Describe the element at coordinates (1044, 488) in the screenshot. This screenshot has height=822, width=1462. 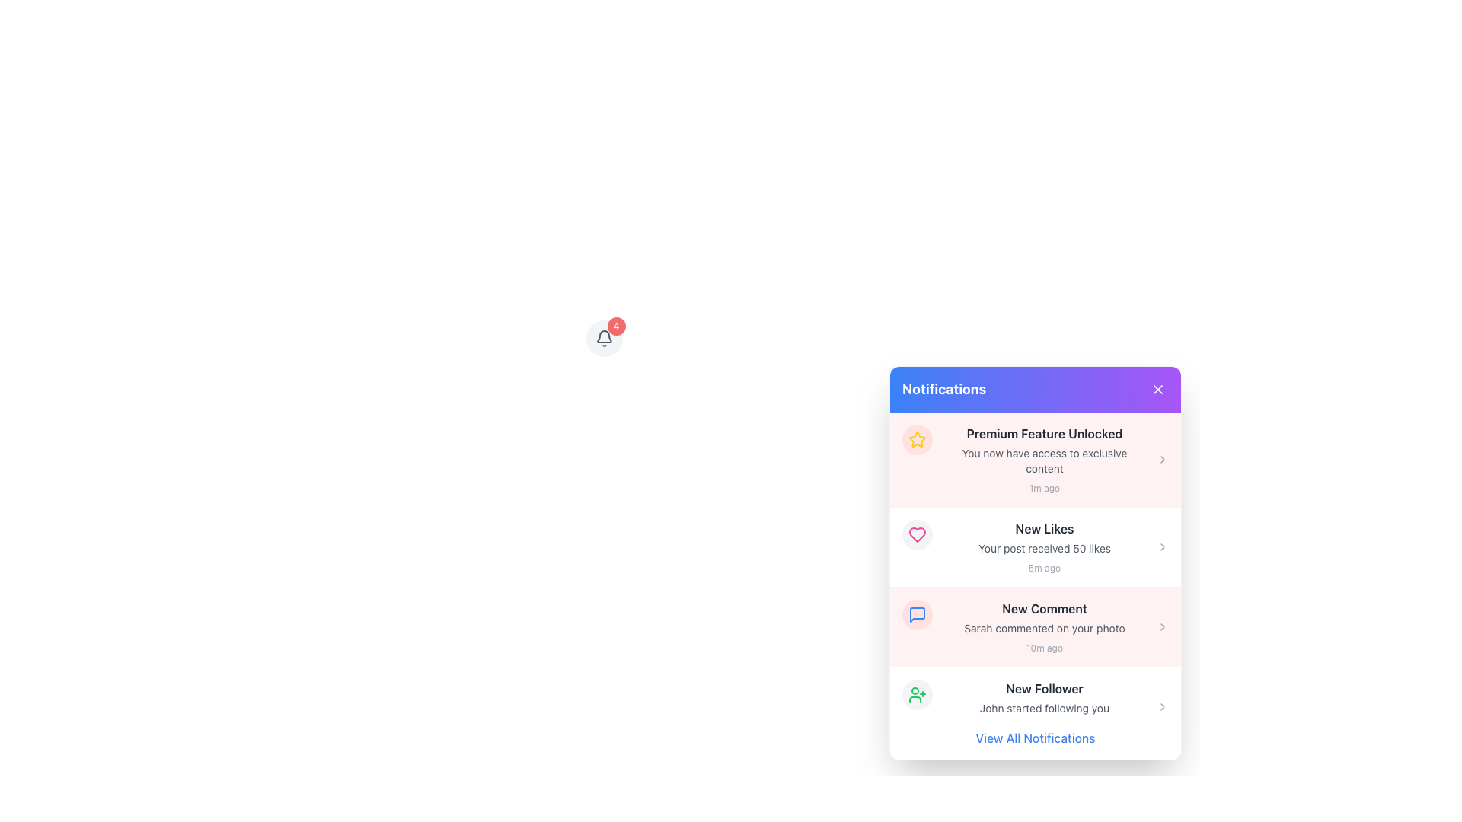
I see `the text label that reads '1m ago,' which is styled in light gray and located below the premium feature notification text` at that location.